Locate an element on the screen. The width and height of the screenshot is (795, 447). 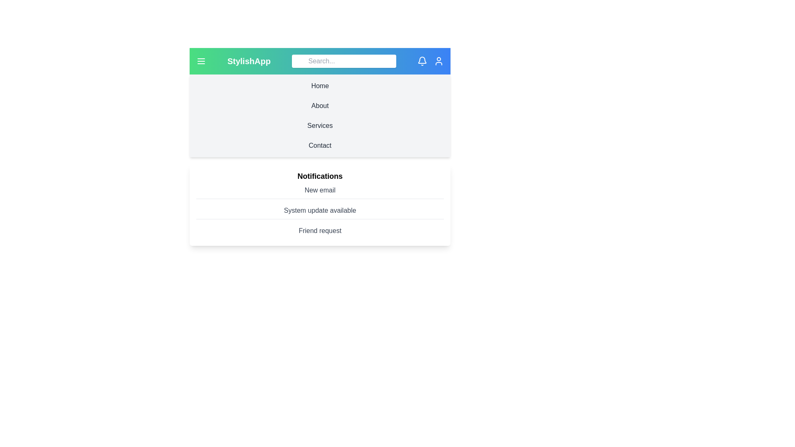
the navigation section Home is located at coordinates (319, 86).